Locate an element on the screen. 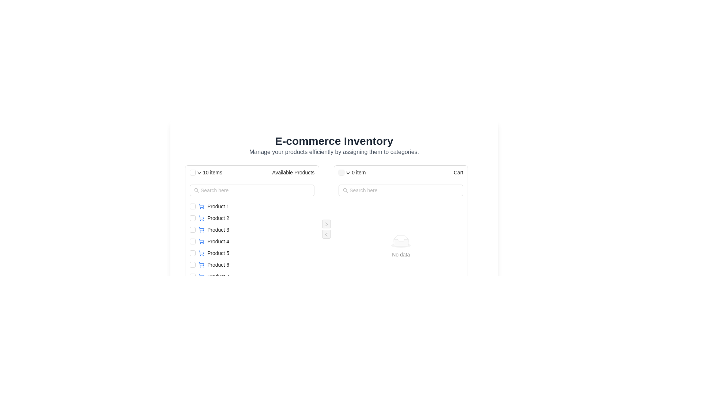 The image size is (702, 394). the non-interactive text label indicating the name or title of a product, which is the seventh item in the 'Available Products' list, located below 'Product 6' is located at coordinates (218, 277).